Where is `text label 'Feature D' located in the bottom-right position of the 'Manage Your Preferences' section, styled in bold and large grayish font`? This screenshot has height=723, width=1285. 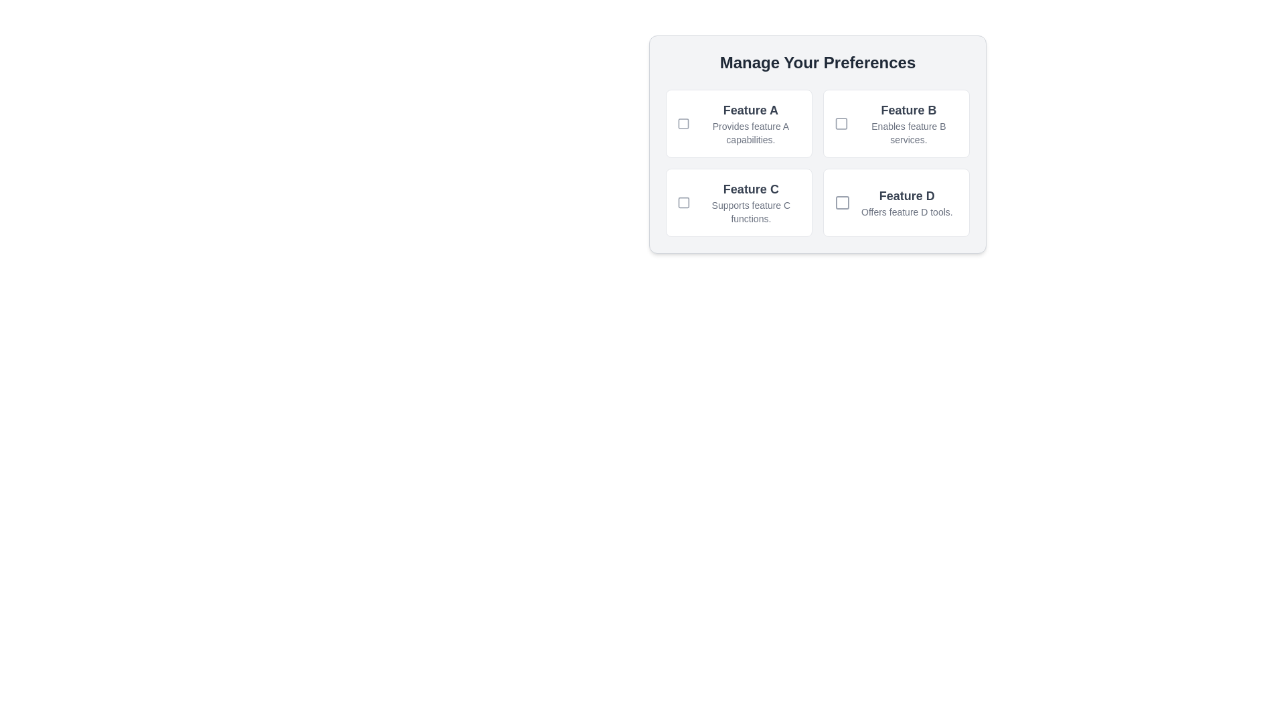 text label 'Feature D' located in the bottom-right position of the 'Manage Your Preferences' section, styled in bold and large grayish font is located at coordinates (907, 196).